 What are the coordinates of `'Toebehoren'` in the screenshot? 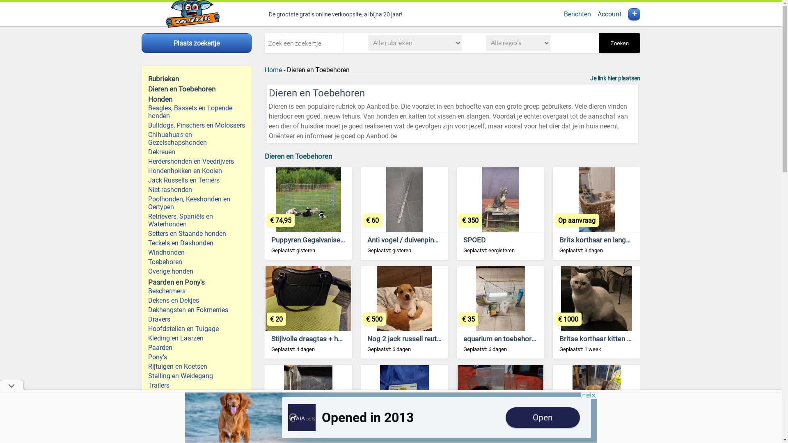 It's located at (148, 262).